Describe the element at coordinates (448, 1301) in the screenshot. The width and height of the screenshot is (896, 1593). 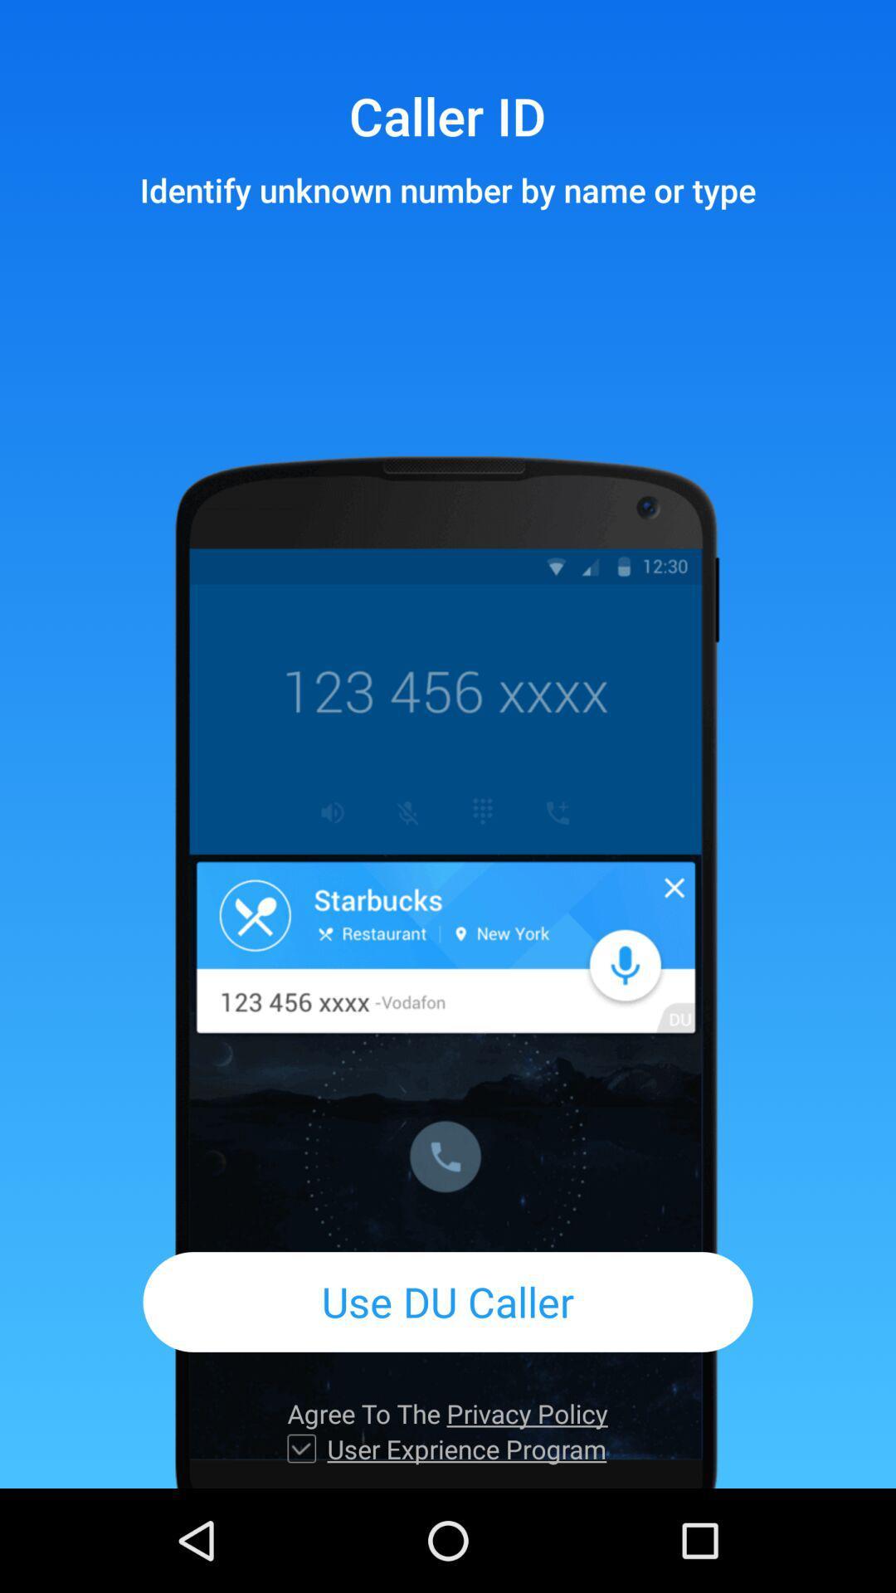
I see `the use du caller` at that location.